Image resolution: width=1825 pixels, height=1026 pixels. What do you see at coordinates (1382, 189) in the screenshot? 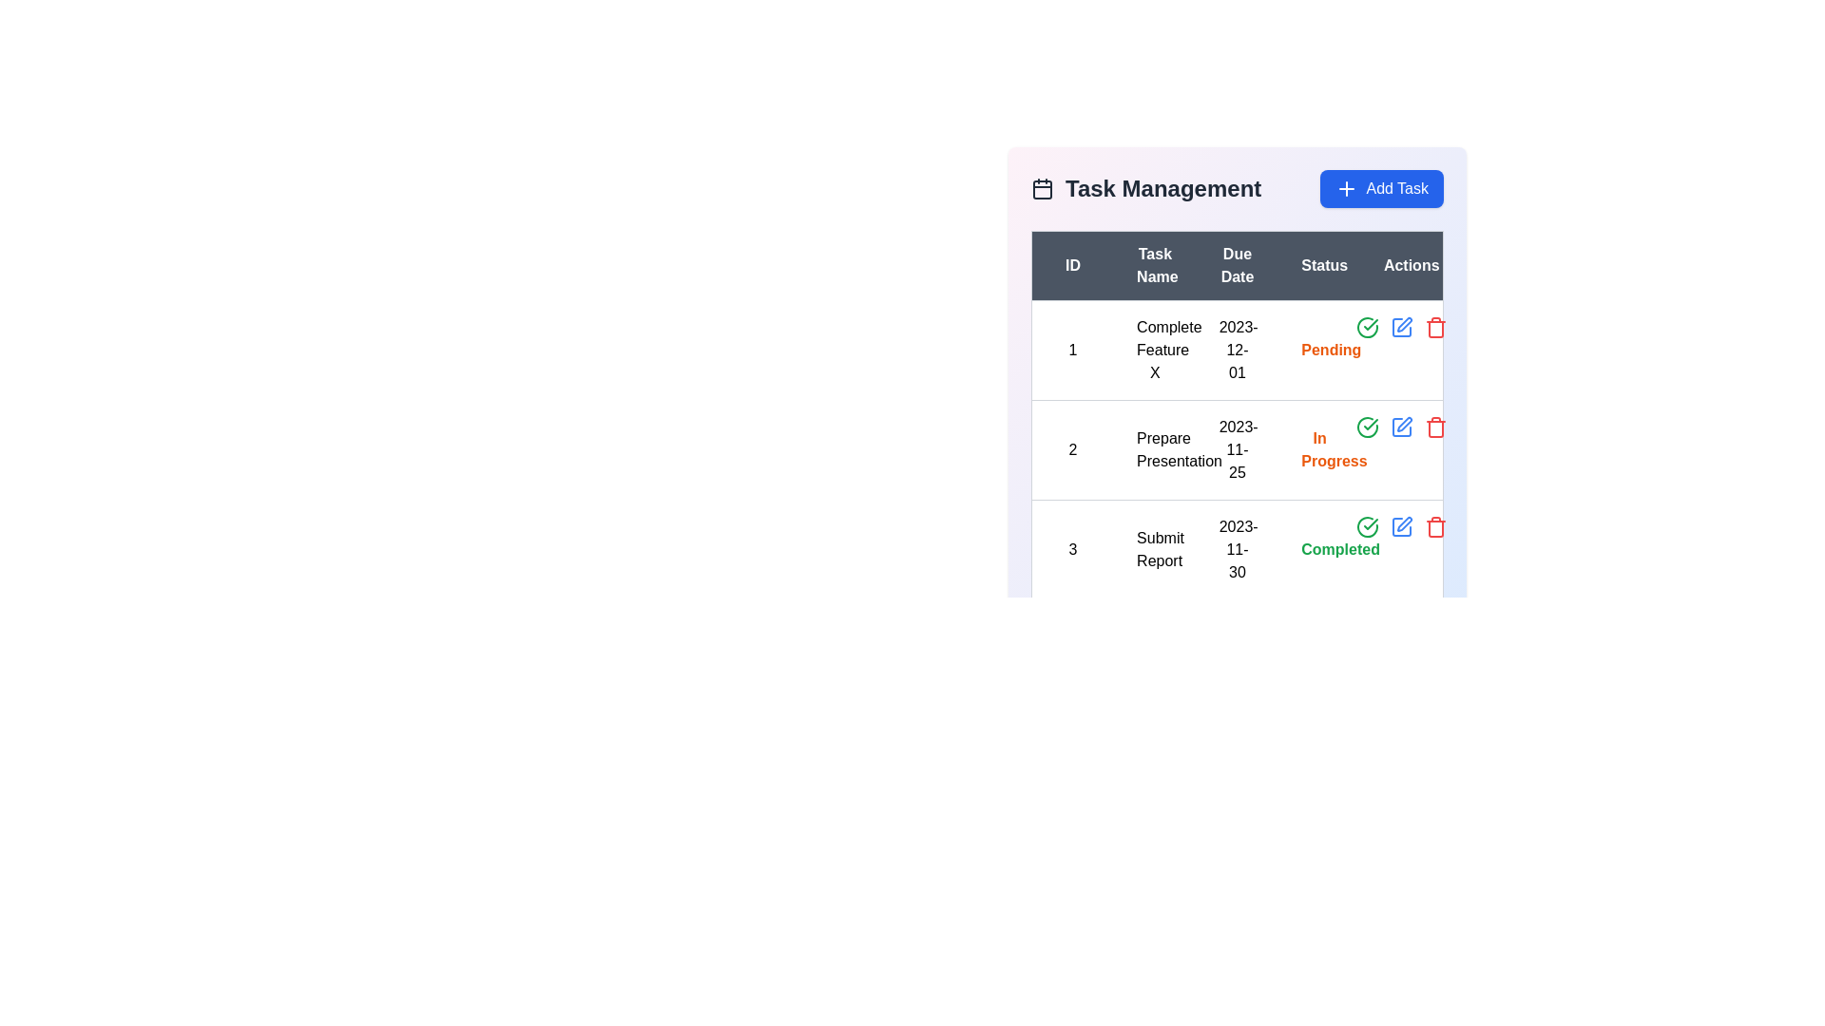
I see `the rectangular button with a blue background and white '+' icon labeled 'Add Task', located on the far right of the 'Task Management' header area` at bounding box center [1382, 189].